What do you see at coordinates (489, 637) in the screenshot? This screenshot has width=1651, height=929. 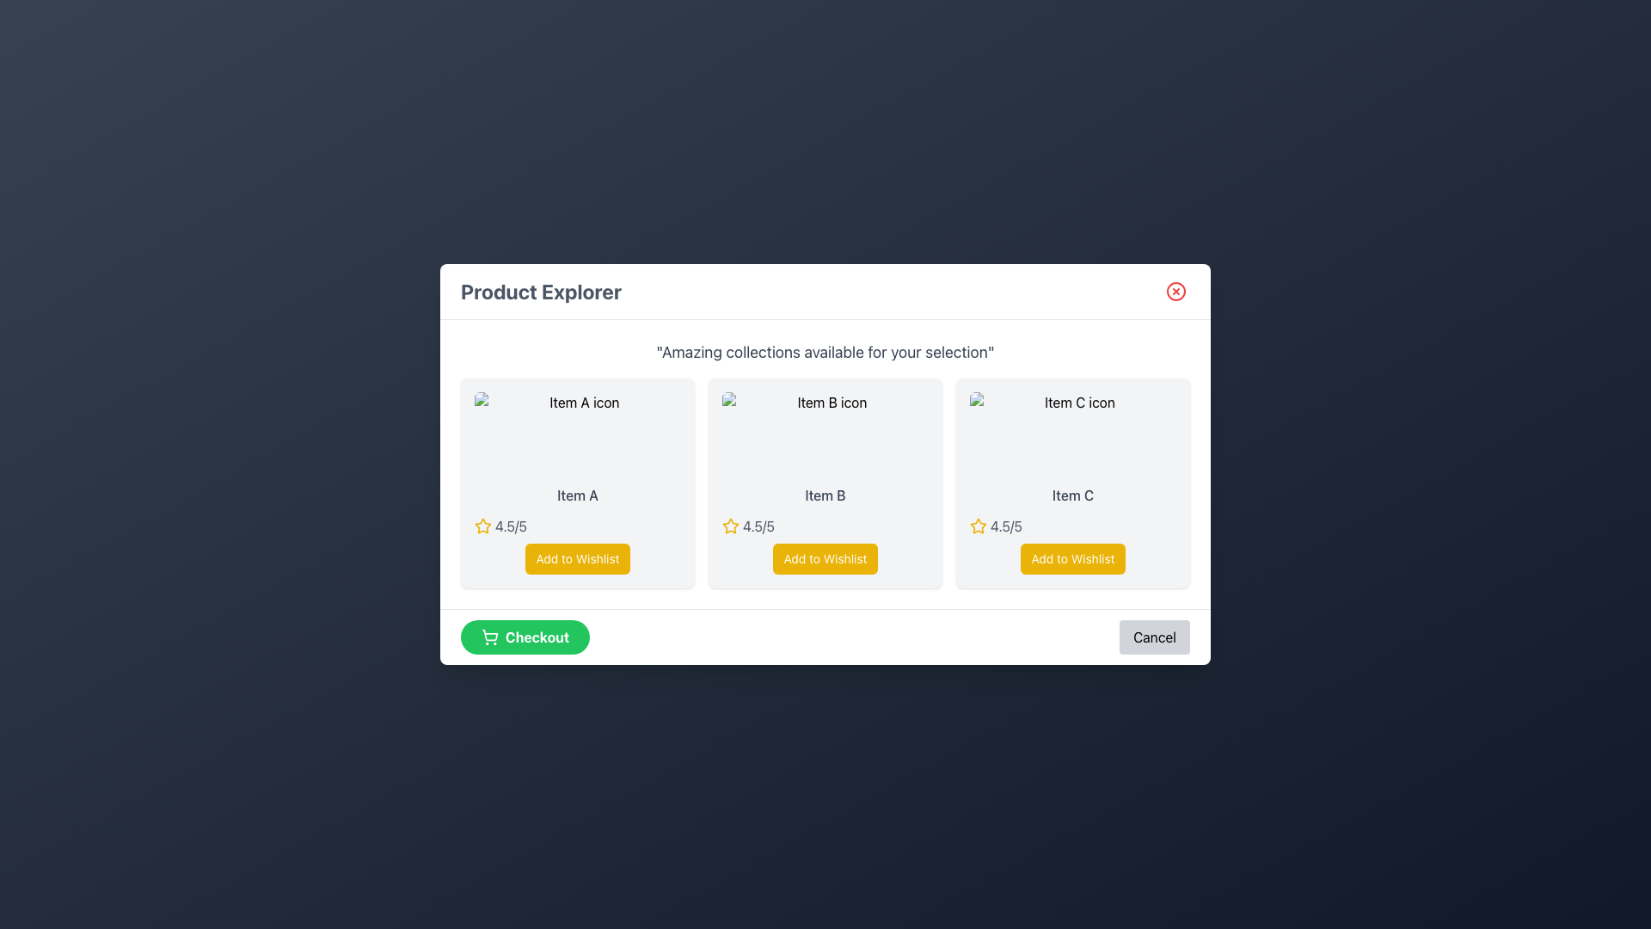 I see `the shopping cart icon, which is styled in minimalist line-art with a green fill and white stroke, located to the left of the 'Checkout' button at the bottom of the dialog interface` at bounding box center [489, 637].